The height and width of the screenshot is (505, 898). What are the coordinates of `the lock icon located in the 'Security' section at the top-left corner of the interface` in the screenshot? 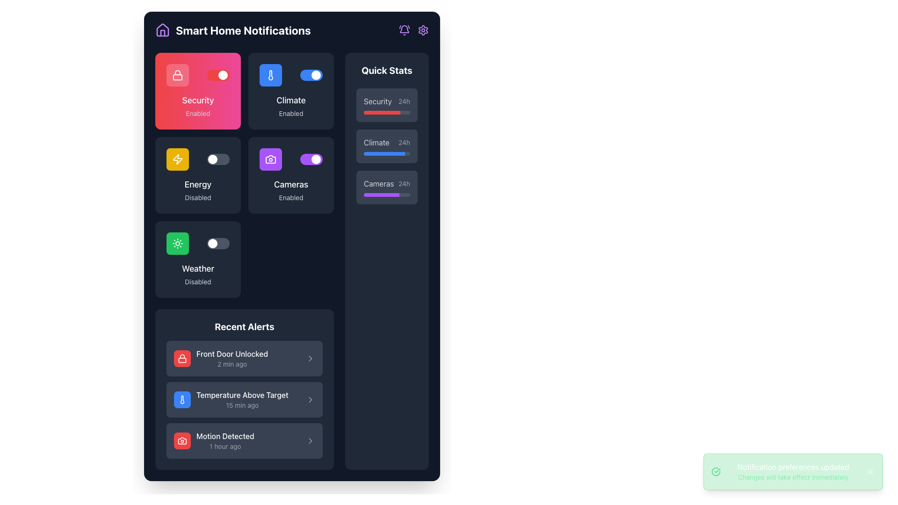 It's located at (177, 75).